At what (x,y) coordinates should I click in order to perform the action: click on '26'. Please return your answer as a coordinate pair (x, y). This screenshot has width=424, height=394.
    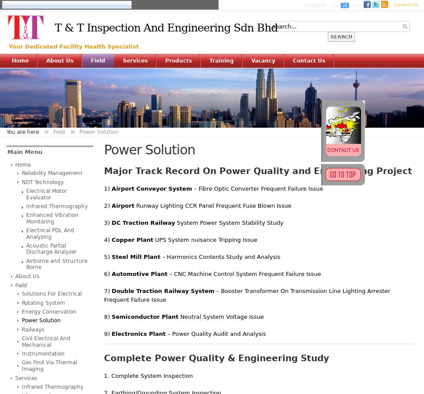
    Looking at the image, I should click on (344, 5).